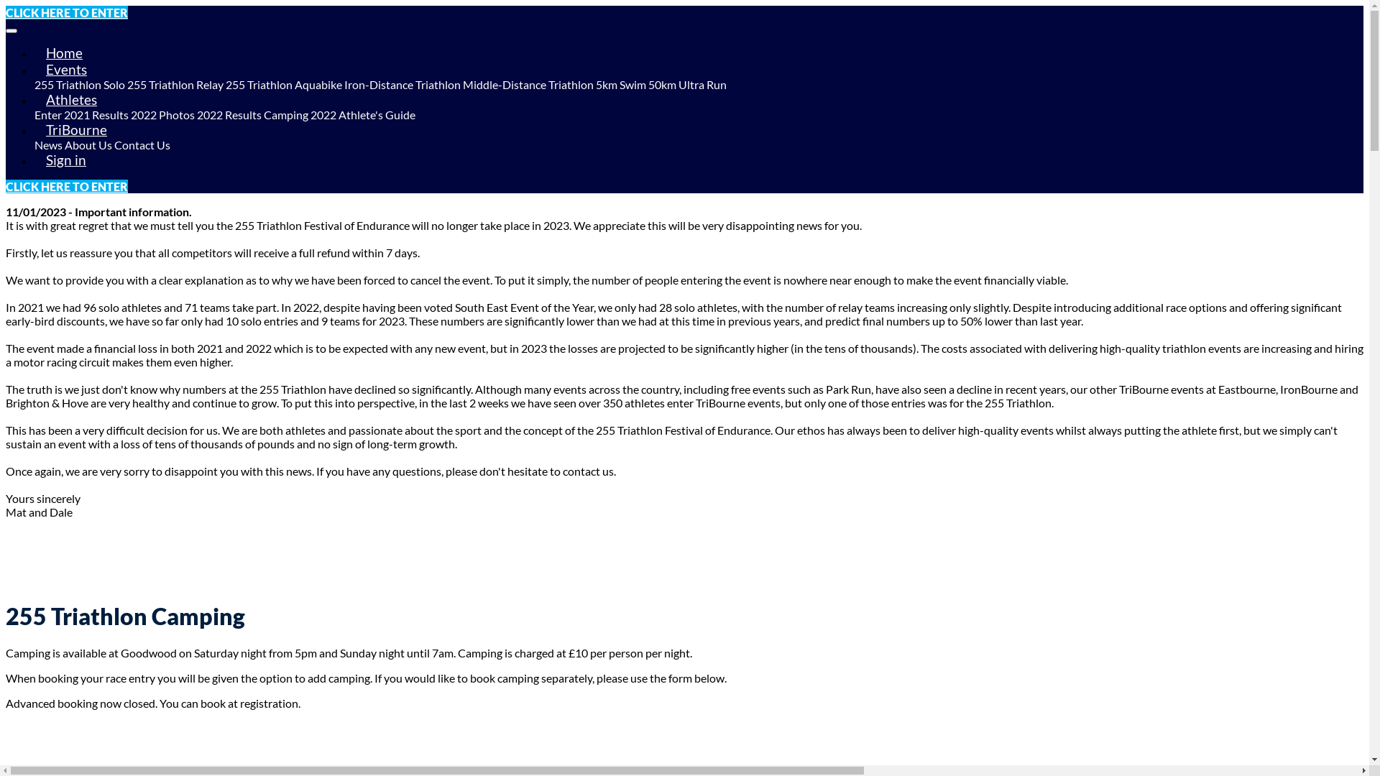  What do you see at coordinates (48, 114) in the screenshot?
I see `'Enter'` at bounding box center [48, 114].